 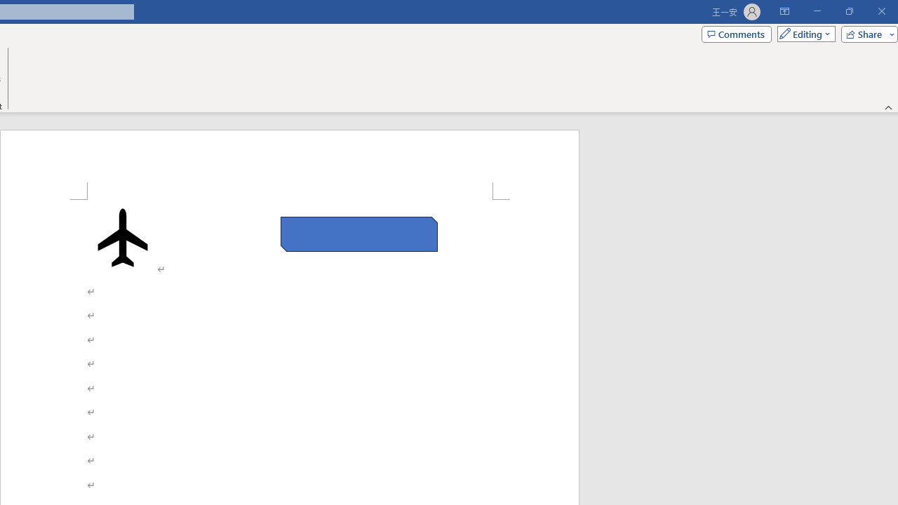 What do you see at coordinates (359, 234) in the screenshot?
I see `'Rectangle: Diagonal Corners Snipped 2'` at bounding box center [359, 234].